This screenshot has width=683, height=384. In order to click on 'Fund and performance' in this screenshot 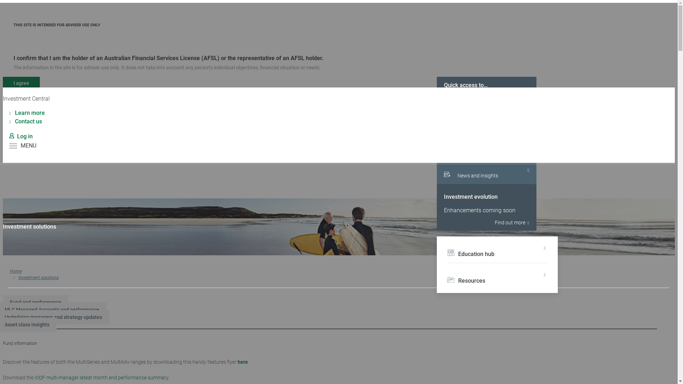, I will do `click(3, 302)`.